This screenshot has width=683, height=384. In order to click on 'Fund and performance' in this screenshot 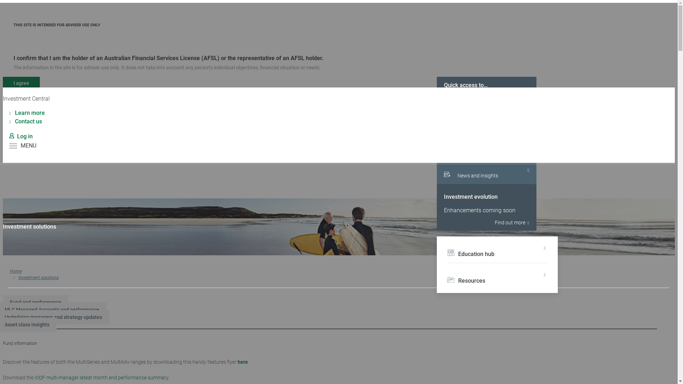, I will do `click(3, 302)`.